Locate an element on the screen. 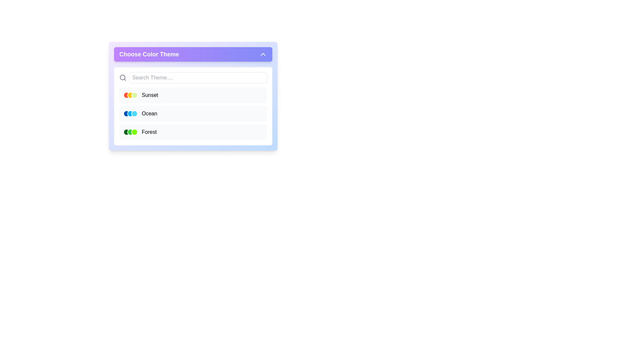  the search icon located in the header of the search section, which is positioned immediately to the left of the 'Search Theme...' input field is located at coordinates (123, 77).